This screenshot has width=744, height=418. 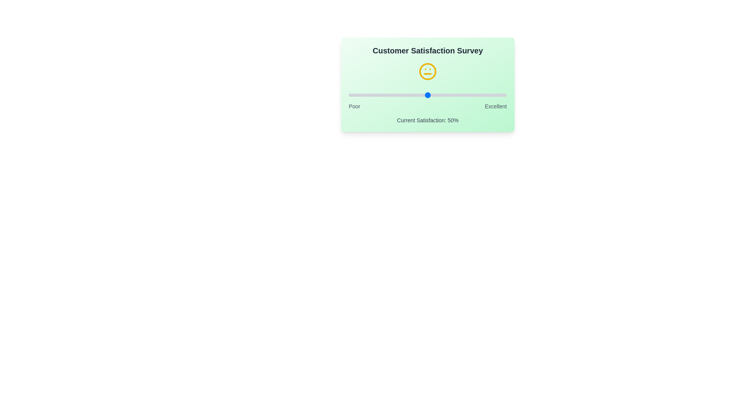 I want to click on the satisfaction slider to 24%, so click(x=386, y=95).